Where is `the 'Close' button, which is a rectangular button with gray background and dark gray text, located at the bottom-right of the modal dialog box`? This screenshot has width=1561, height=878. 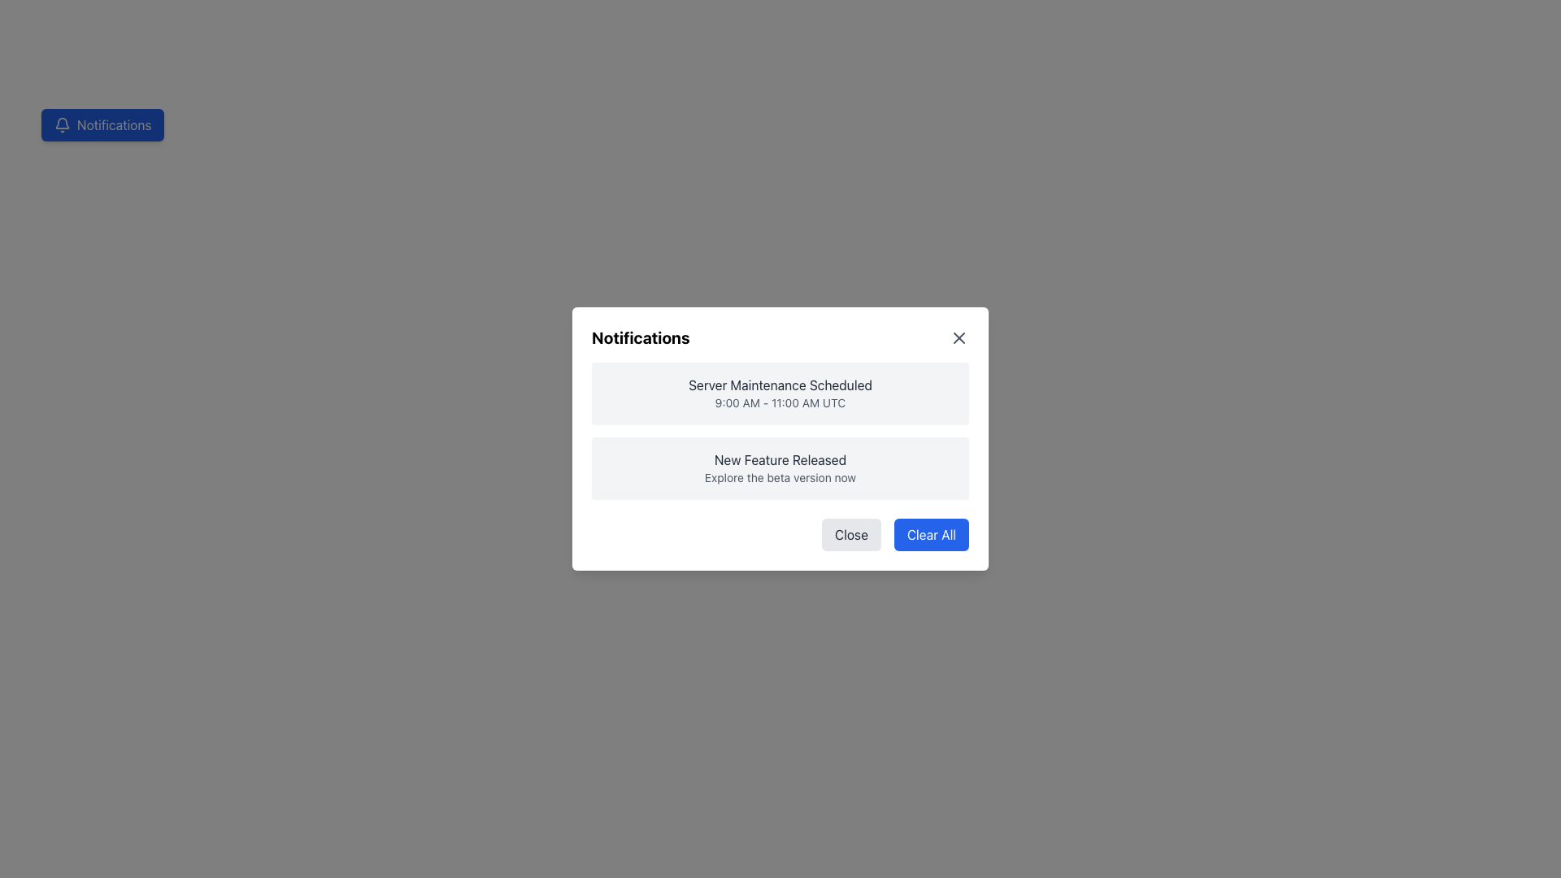
the 'Close' button, which is a rectangular button with gray background and dark gray text, located at the bottom-right of the modal dialog box is located at coordinates (850, 535).